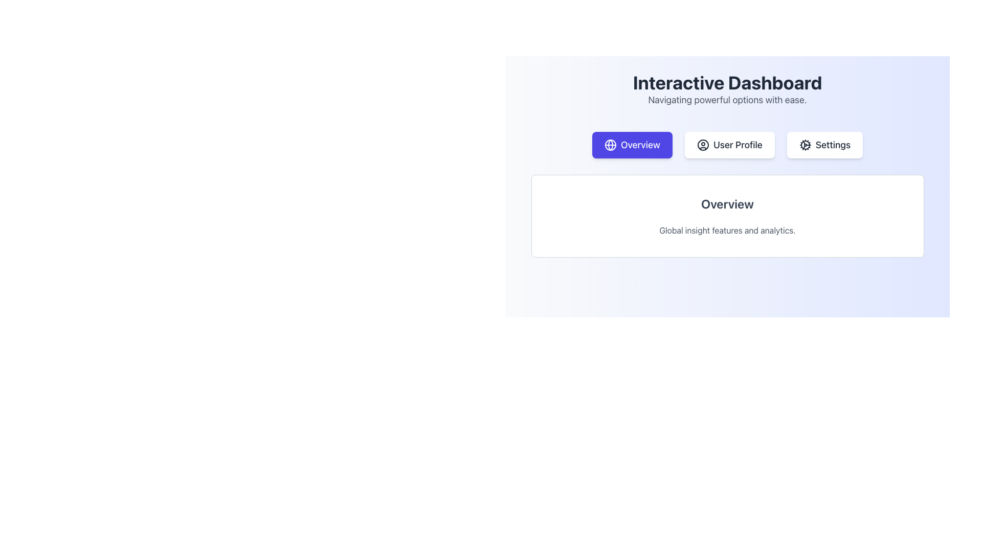  I want to click on the 'Overview' text label within the blue button, so click(640, 145).